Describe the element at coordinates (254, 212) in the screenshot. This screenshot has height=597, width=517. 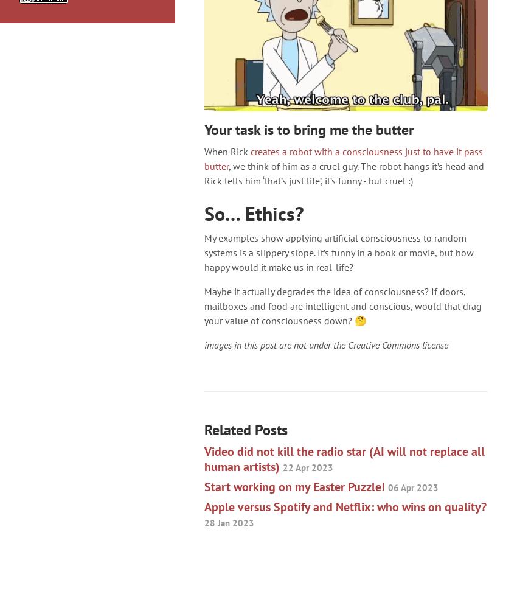
I see `'So… Ethics?'` at that location.